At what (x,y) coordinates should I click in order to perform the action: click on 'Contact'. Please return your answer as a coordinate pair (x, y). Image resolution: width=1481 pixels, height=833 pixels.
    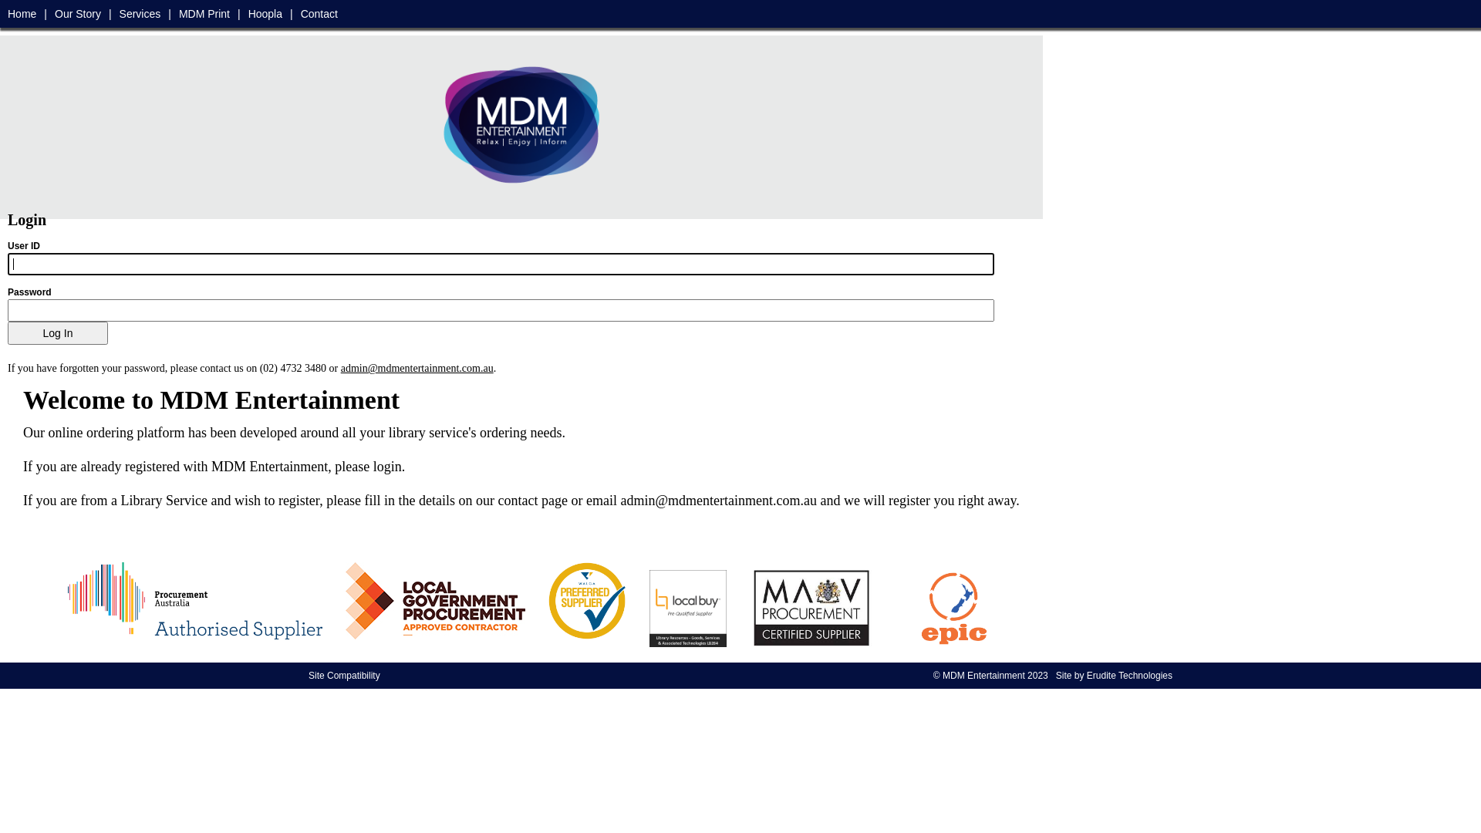
    Looking at the image, I should click on (318, 14).